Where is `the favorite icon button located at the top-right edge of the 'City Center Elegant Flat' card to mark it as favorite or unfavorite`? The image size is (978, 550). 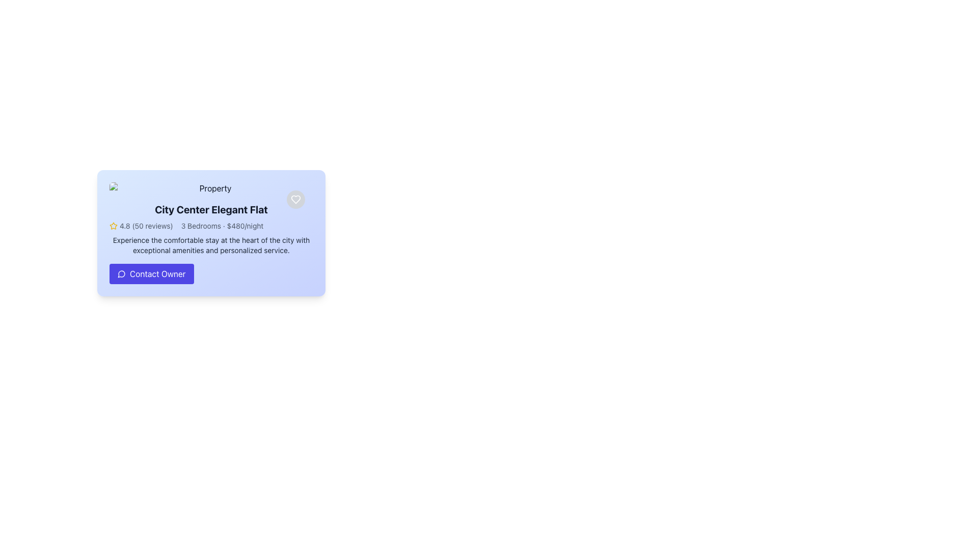
the favorite icon button located at the top-right edge of the 'City Center Elegant Flat' card to mark it as favorite or unfavorite is located at coordinates (295, 200).